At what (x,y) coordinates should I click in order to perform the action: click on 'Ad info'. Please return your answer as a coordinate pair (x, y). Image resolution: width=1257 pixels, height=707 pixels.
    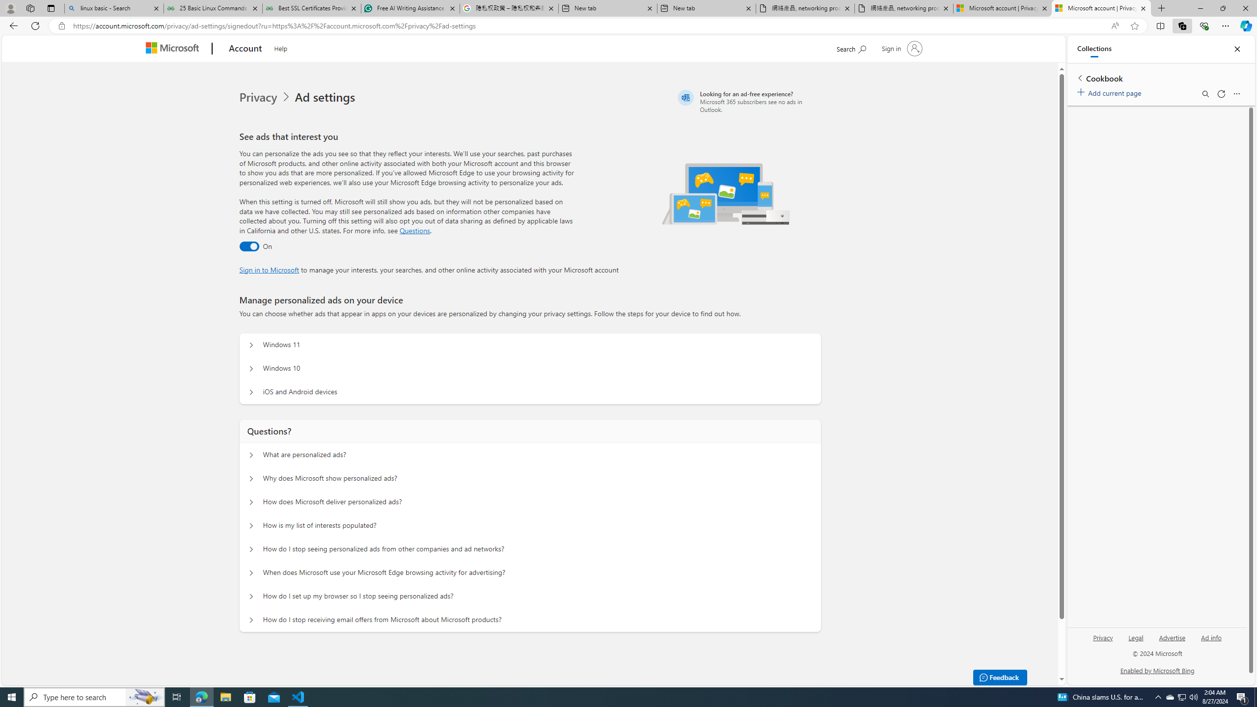
    Looking at the image, I should click on (1211, 637).